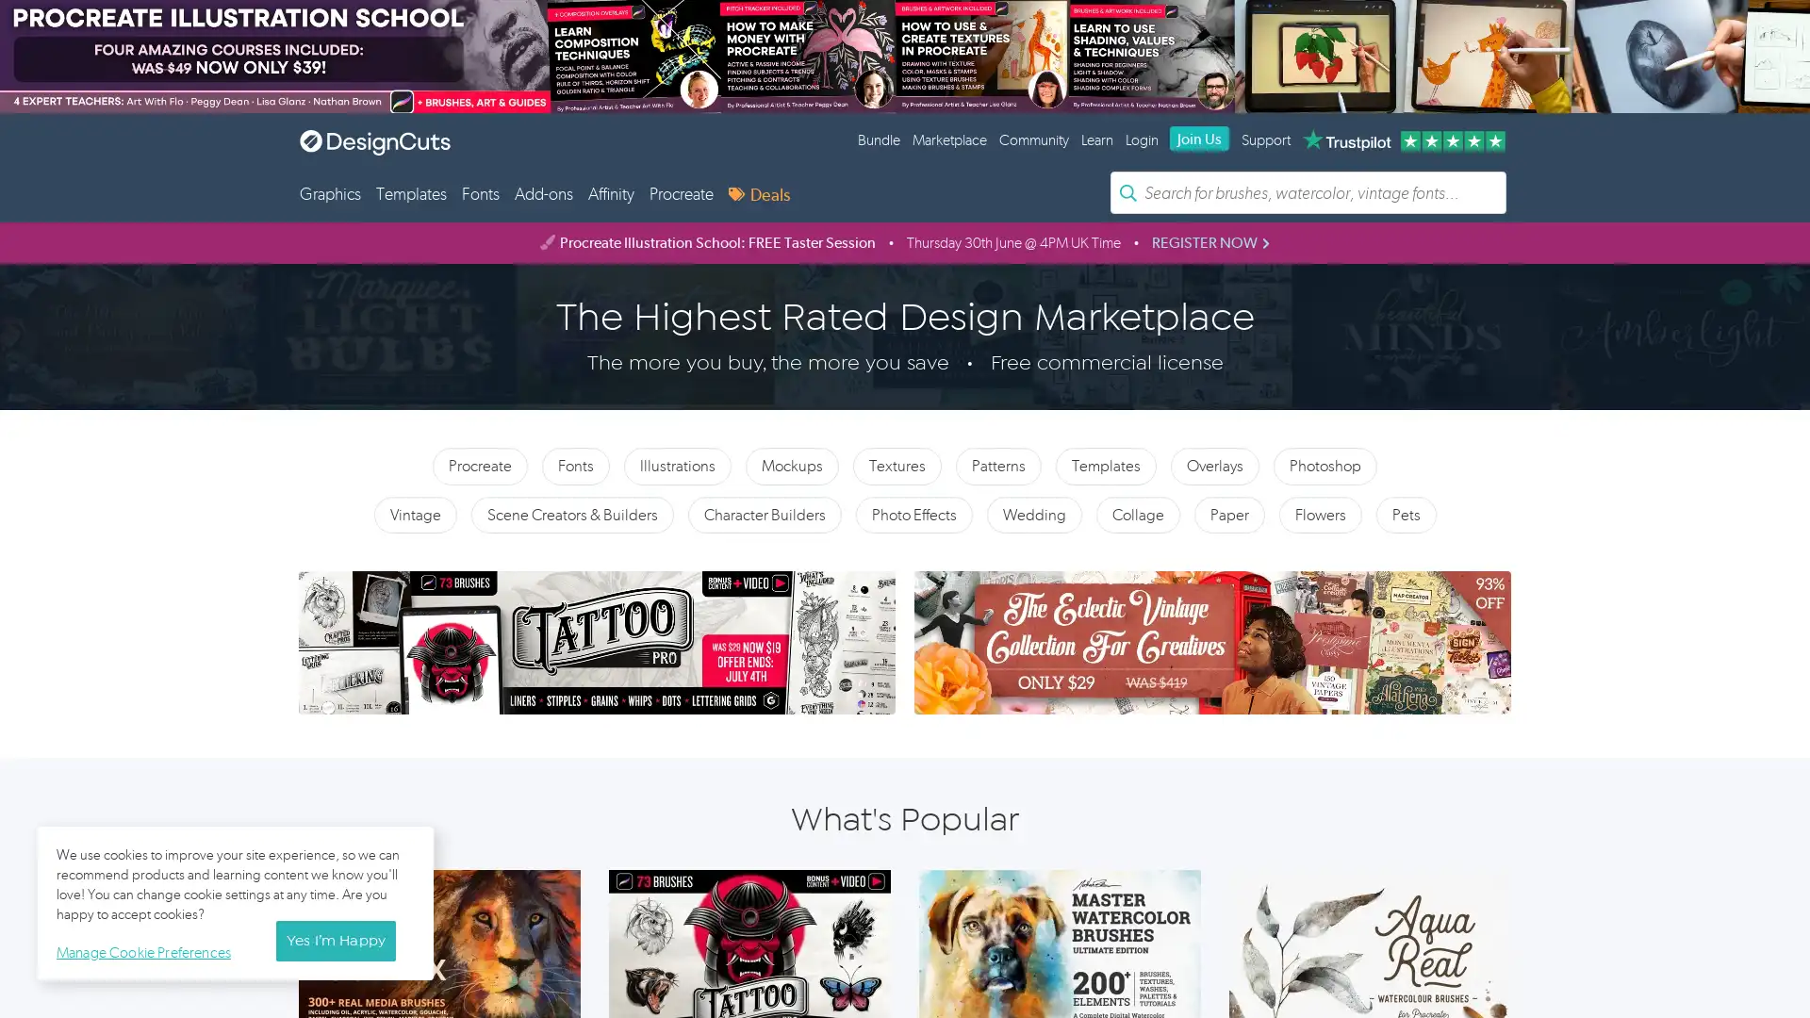 This screenshot has width=1810, height=1018. What do you see at coordinates (335, 941) in the screenshot?
I see `Yes Im Happy` at bounding box center [335, 941].